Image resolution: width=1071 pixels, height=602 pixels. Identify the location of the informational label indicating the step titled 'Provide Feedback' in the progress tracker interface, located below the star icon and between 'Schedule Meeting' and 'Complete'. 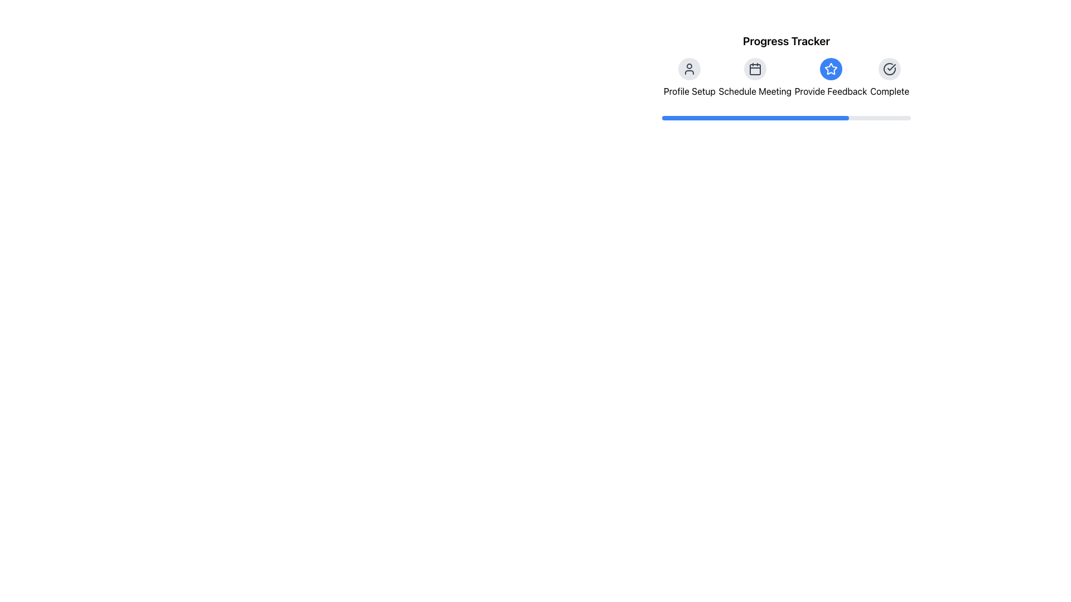
(831, 91).